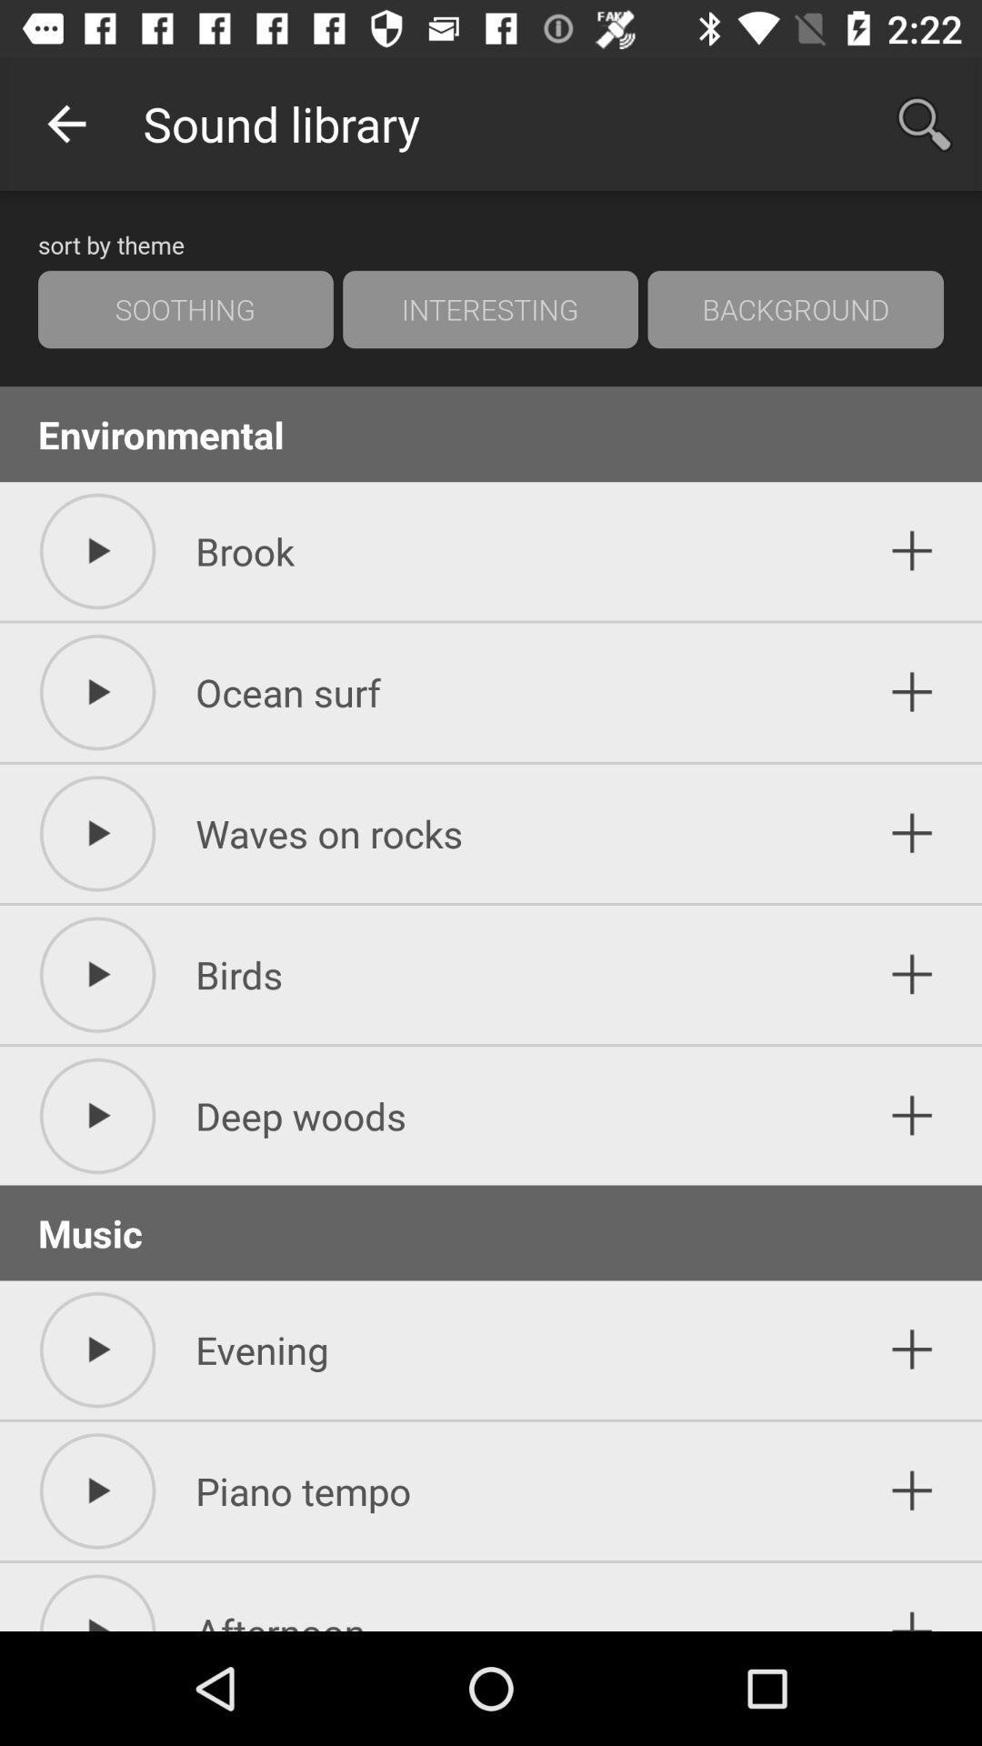 This screenshot has height=1746, width=982. Describe the element at coordinates (489, 309) in the screenshot. I see `item to the right of the soothing` at that location.